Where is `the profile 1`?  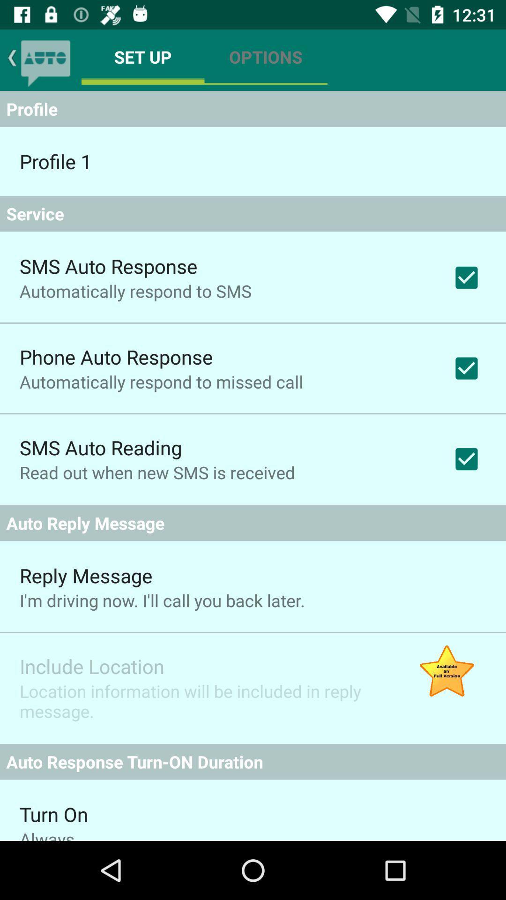 the profile 1 is located at coordinates (55, 161).